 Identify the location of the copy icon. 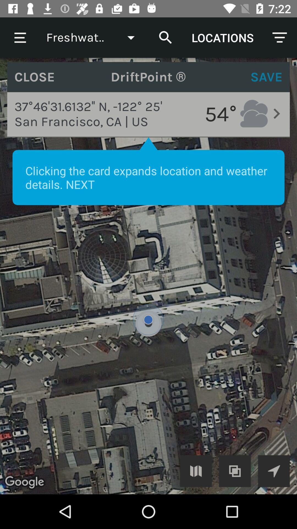
(235, 471).